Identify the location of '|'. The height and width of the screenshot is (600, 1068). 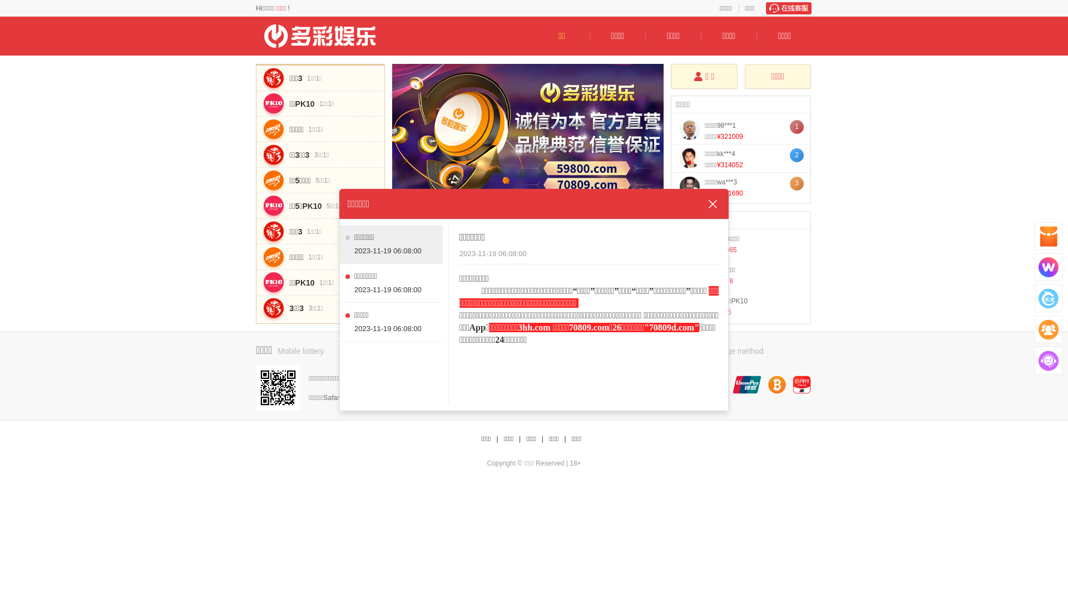
(519, 438).